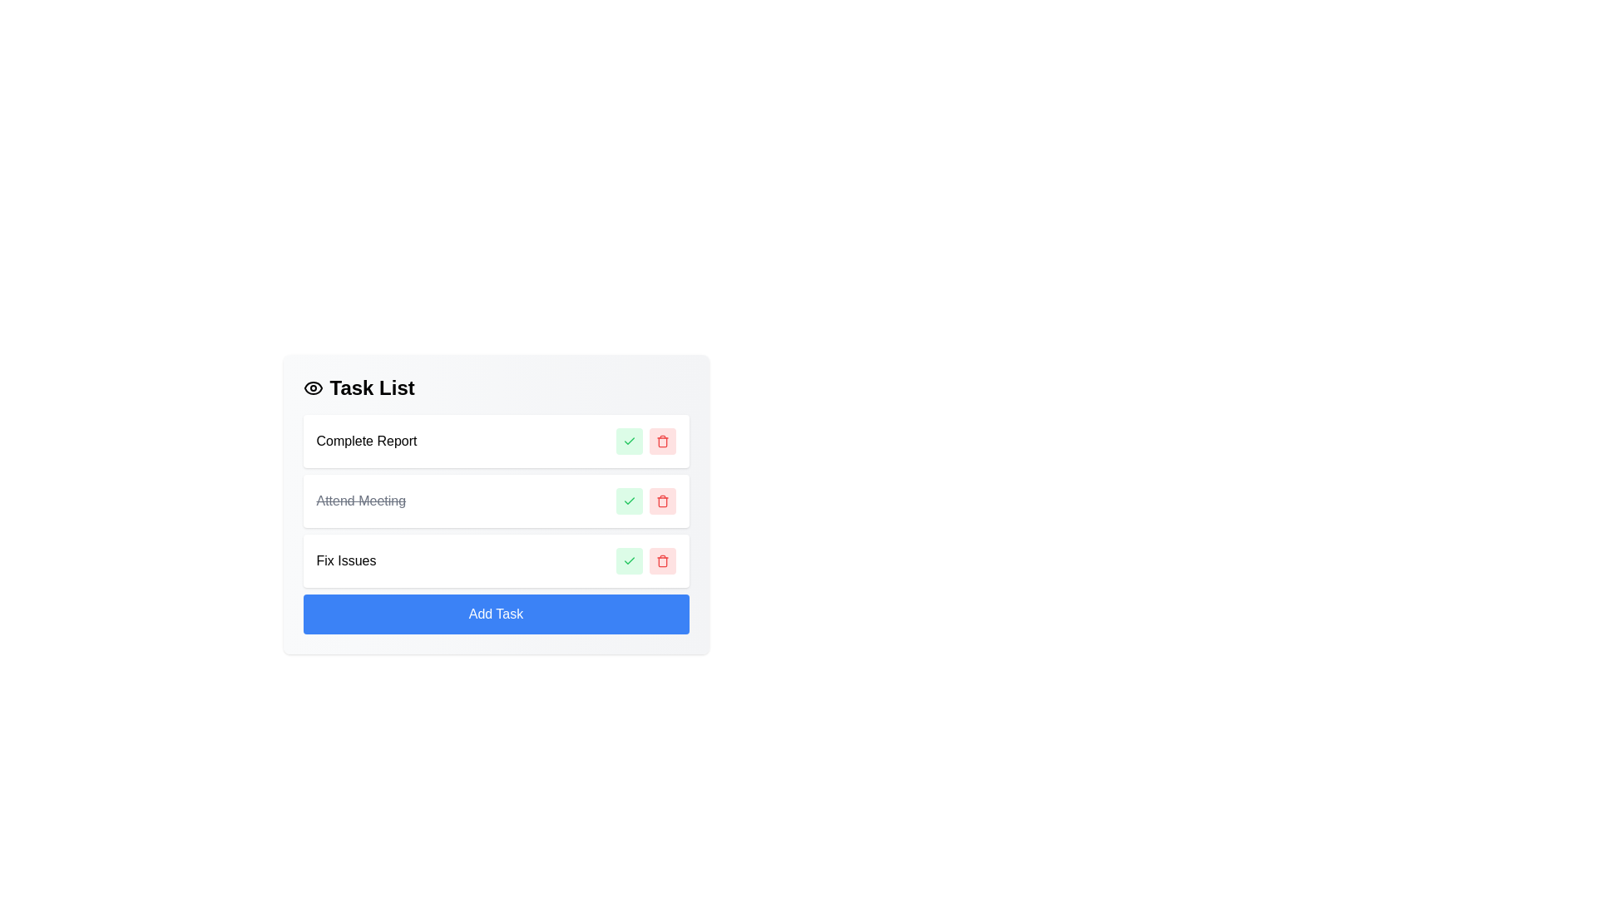 The width and height of the screenshot is (1597, 898). Describe the element at coordinates (628, 500) in the screenshot. I see `the green checkmark button to toggle the completion status of the task identified by its name Attend Meeting` at that location.